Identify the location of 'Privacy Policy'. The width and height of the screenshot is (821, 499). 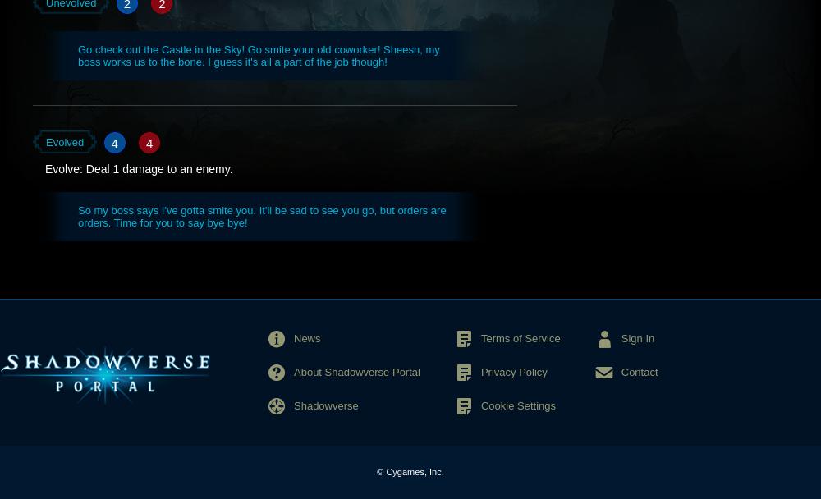
(513, 371).